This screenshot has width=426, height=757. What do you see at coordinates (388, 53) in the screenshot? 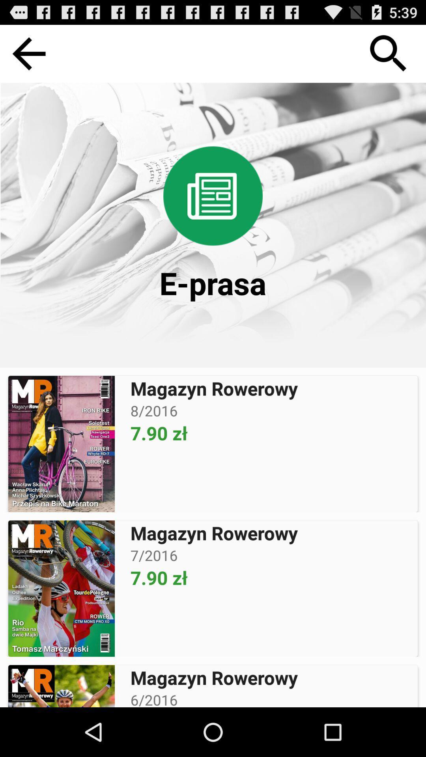
I see `icon at the top right corner` at bounding box center [388, 53].